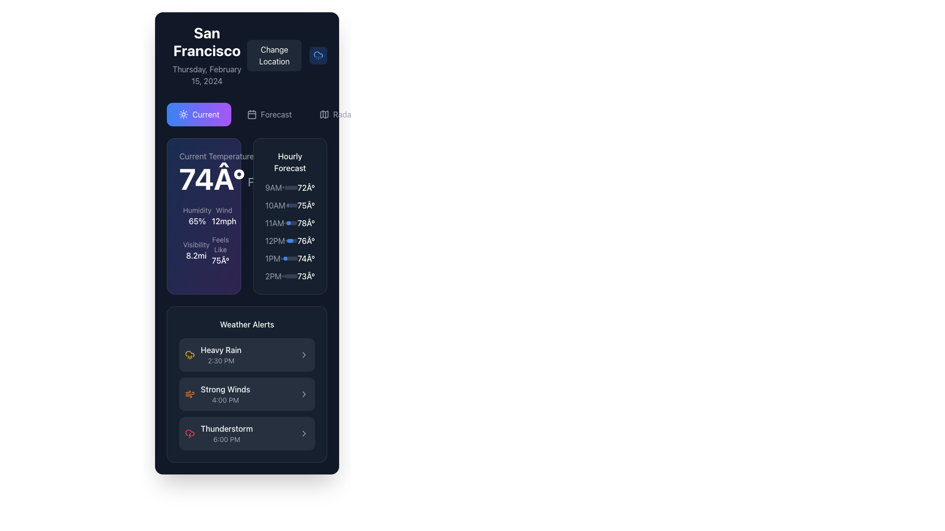  I want to click on on the temperature display element showing '74°' in a bold white font within the current temperature section of the weather application interface, so click(212, 178).